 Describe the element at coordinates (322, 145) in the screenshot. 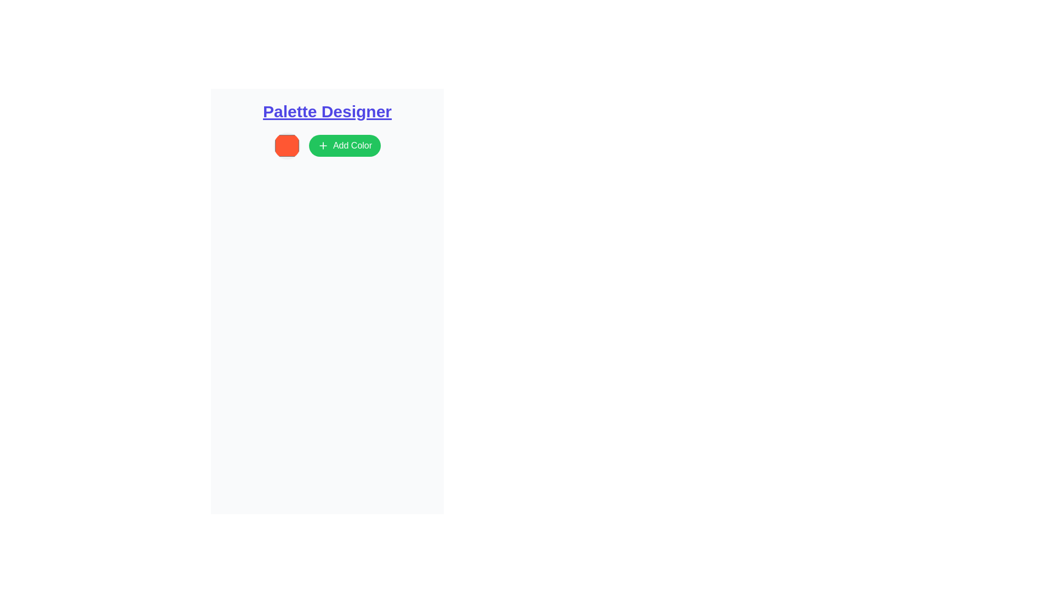

I see `the green button labeled 'Add Color' which contains an icon for adding a color, positioned to the right of a red octagonal button` at that location.